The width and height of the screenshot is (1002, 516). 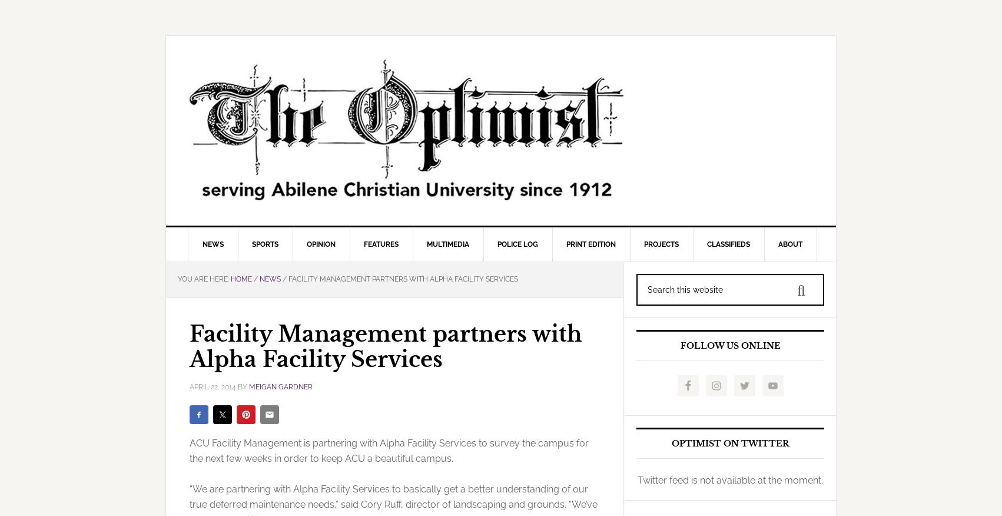 What do you see at coordinates (201, 244) in the screenshot?
I see `'News'` at bounding box center [201, 244].